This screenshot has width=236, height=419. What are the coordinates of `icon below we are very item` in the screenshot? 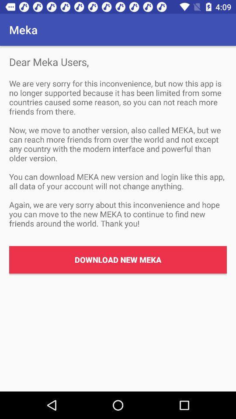 It's located at (118, 260).